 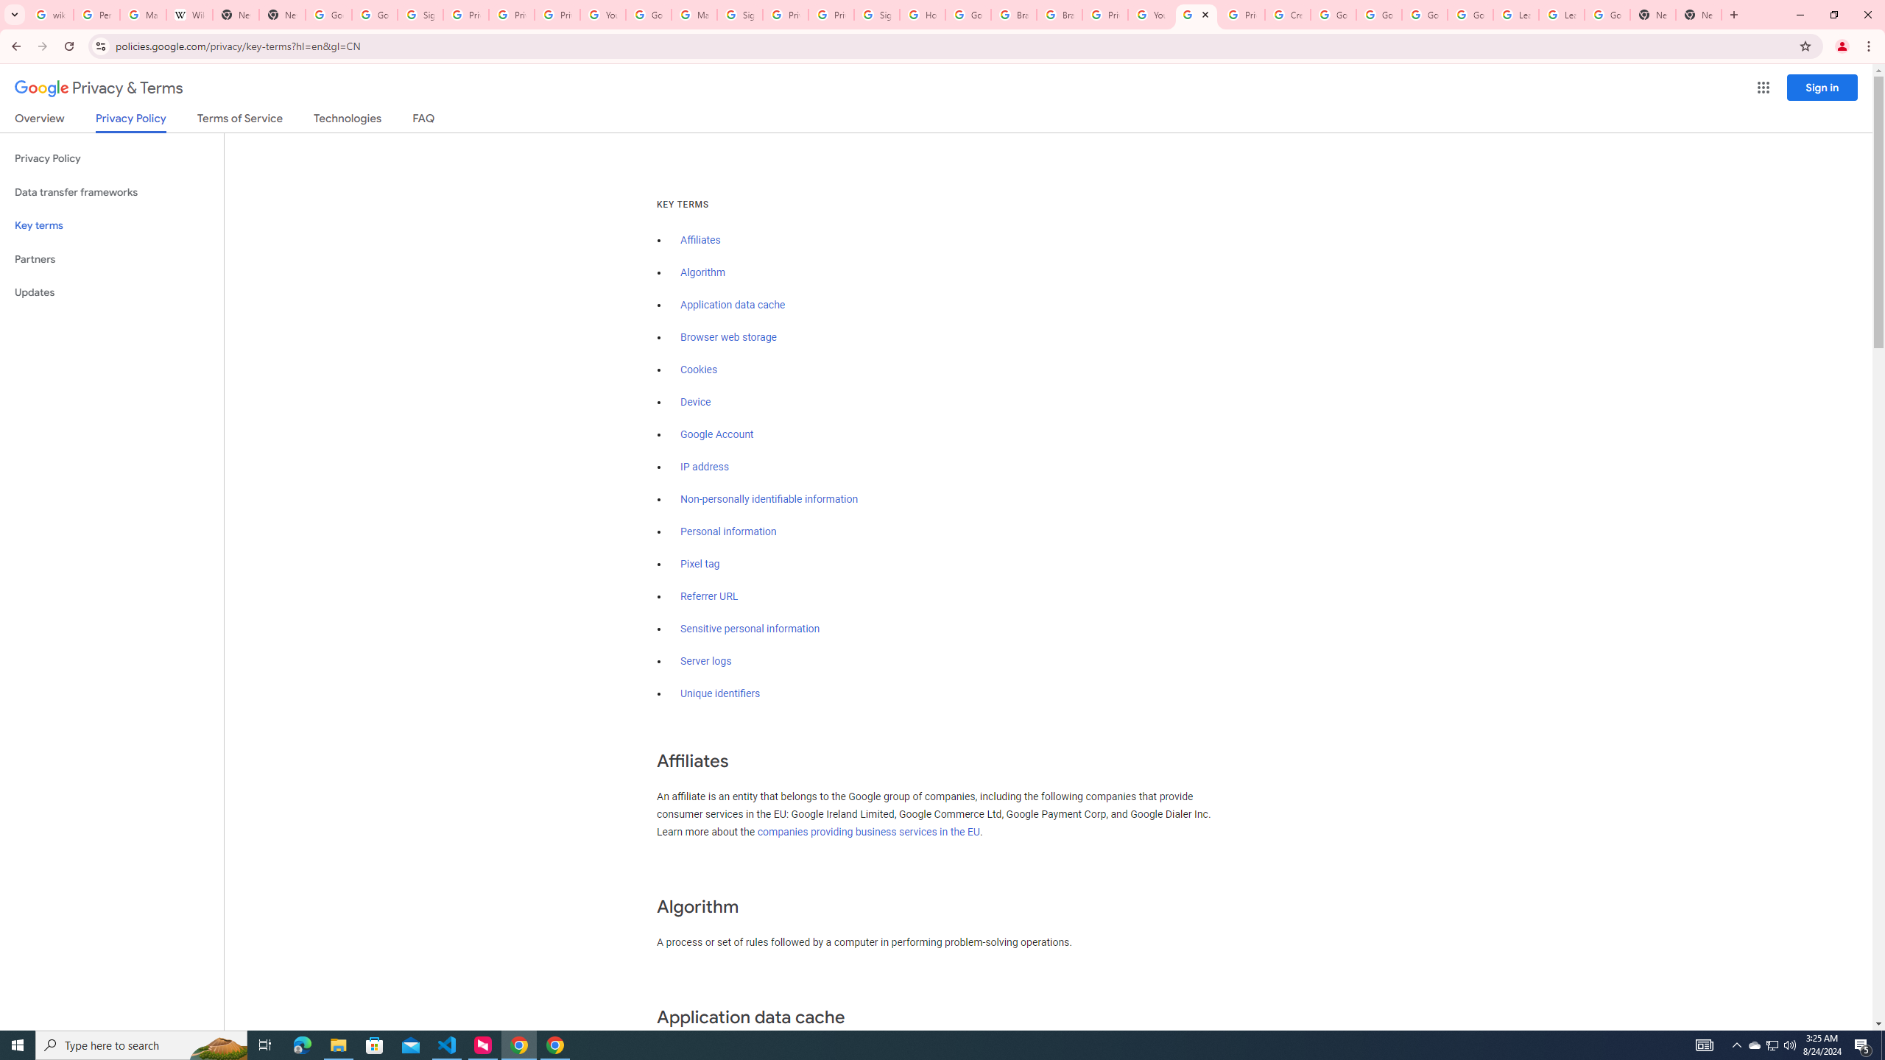 What do you see at coordinates (1653, 14) in the screenshot?
I see `'New Tab'` at bounding box center [1653, 14].